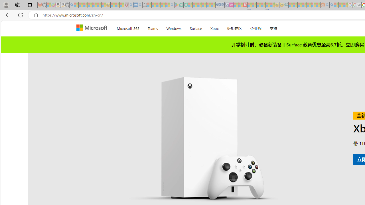 Image resolution: width=365 pixels, height=205 pixels. I want to click on 'Utah sues federal government - Search - Sleeping', so click(332, 5).